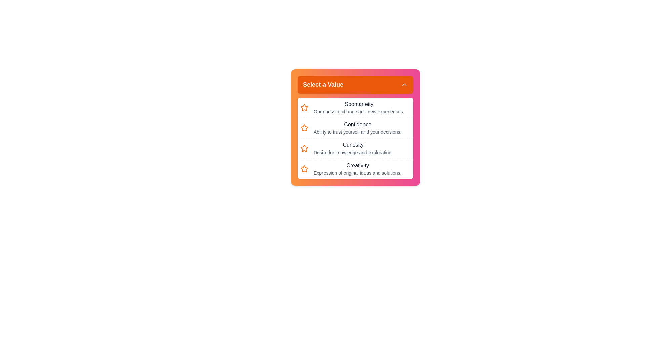 Image resolution: width=645 pixels, height=362 pixels. What do you see at coordinates (304, 148) in the screenshot?
I see `the third star icon with orange outlines next to the label 'Curiosity' in the collapsed dropdown menu` at bounding box center [304, 148].